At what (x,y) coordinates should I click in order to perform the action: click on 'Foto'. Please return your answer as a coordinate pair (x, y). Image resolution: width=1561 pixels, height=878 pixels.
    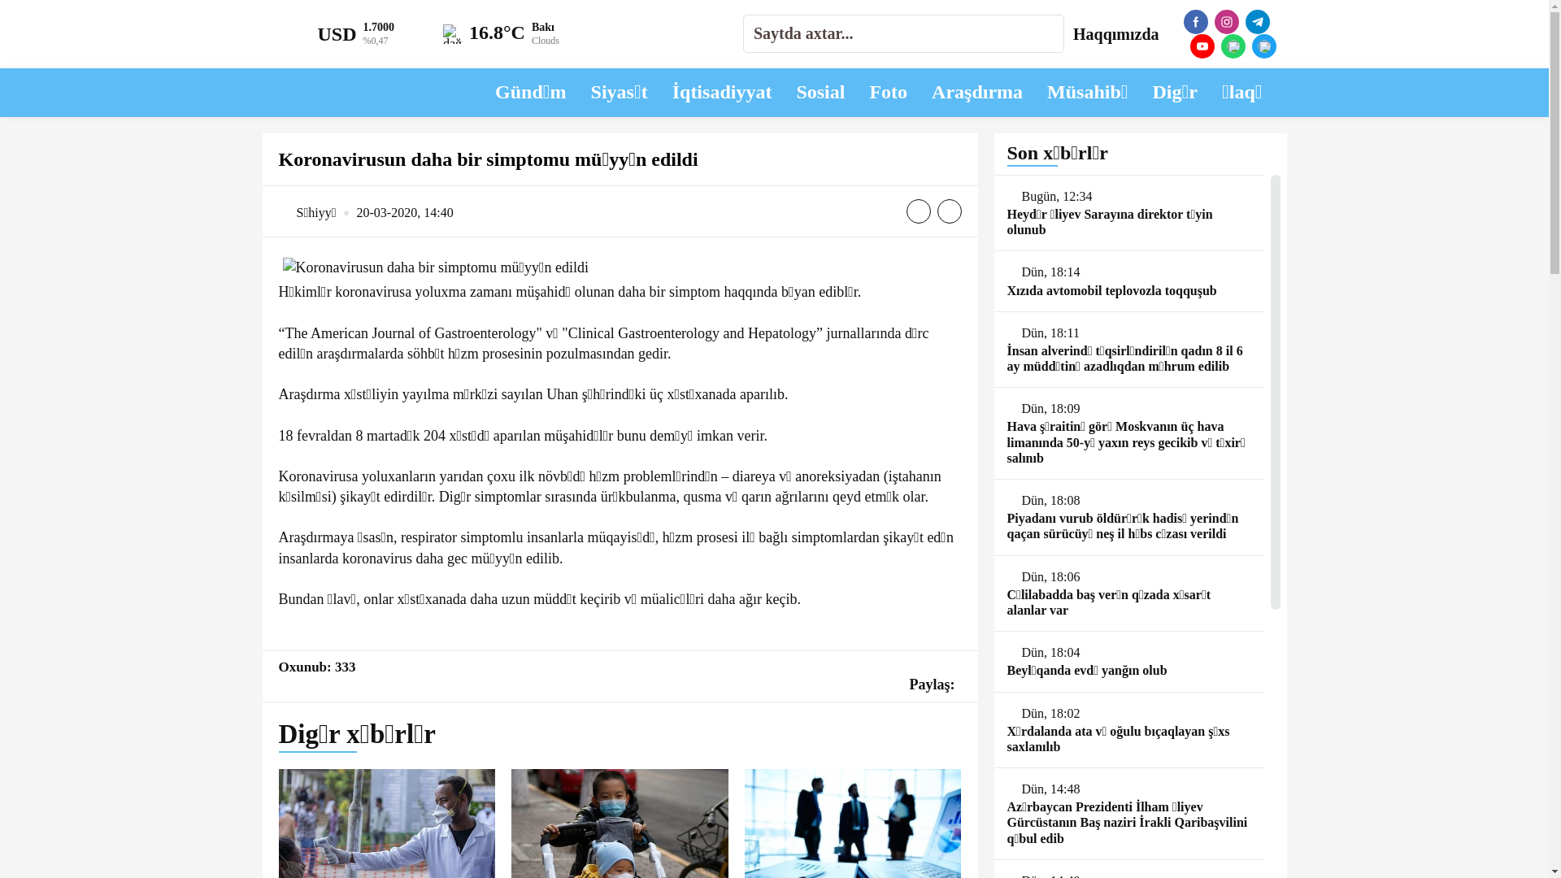
    Looking at the image, I should click on (887, 92).